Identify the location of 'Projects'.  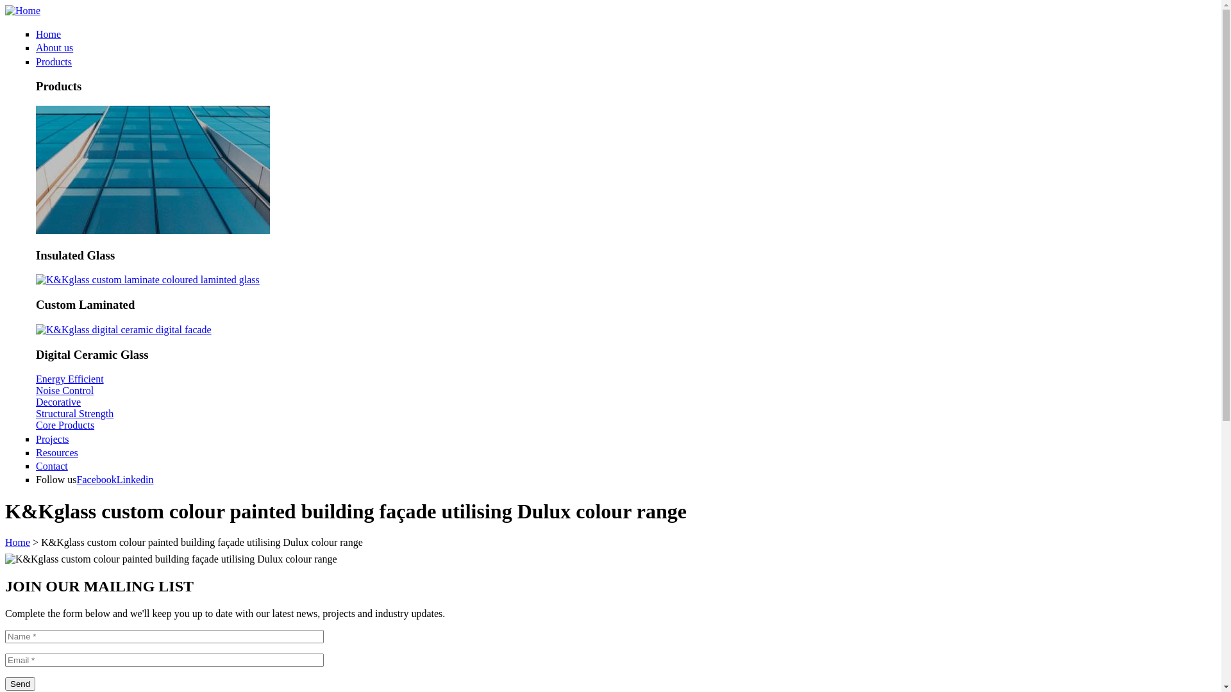
(51, 438).